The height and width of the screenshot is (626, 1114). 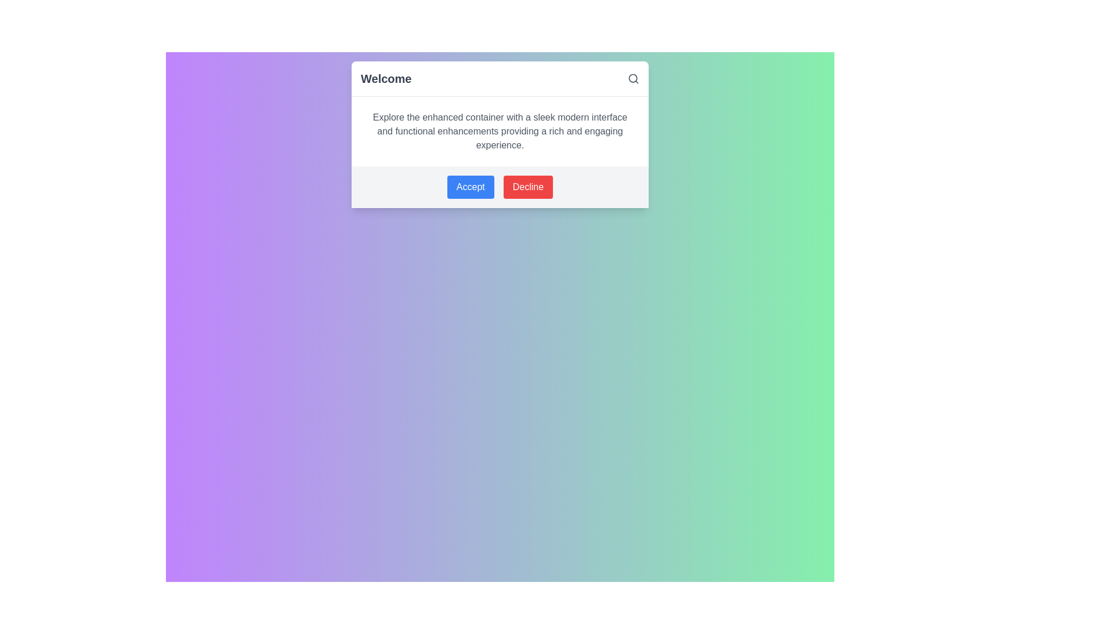 What do you see at coordinates (632, 78) in the screenshot?
I see `the search icon located in the top-right corner of the 'Welcome' section` at bounding box center [632, 78].